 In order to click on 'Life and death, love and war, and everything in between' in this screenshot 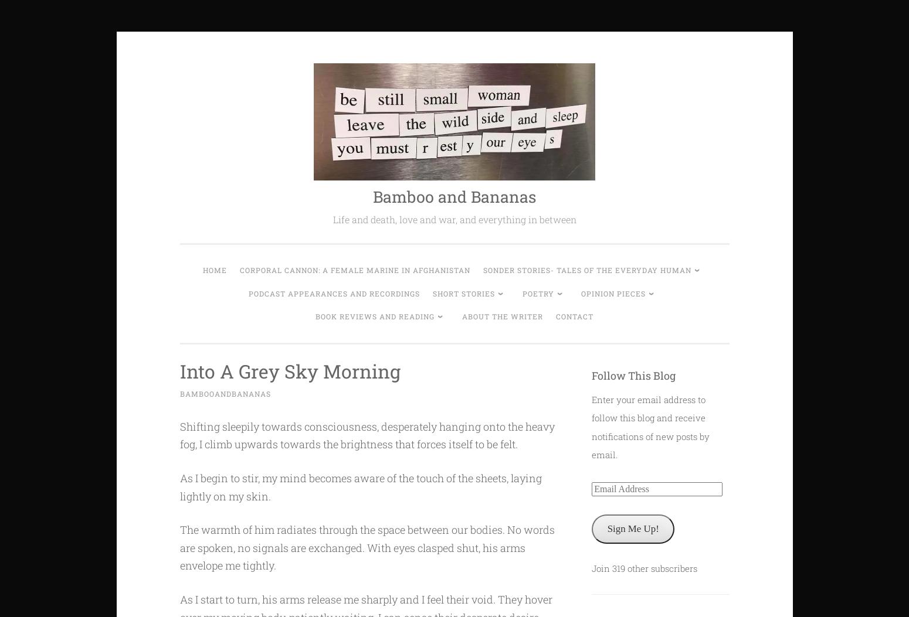, I will do `click(332, 219)`.